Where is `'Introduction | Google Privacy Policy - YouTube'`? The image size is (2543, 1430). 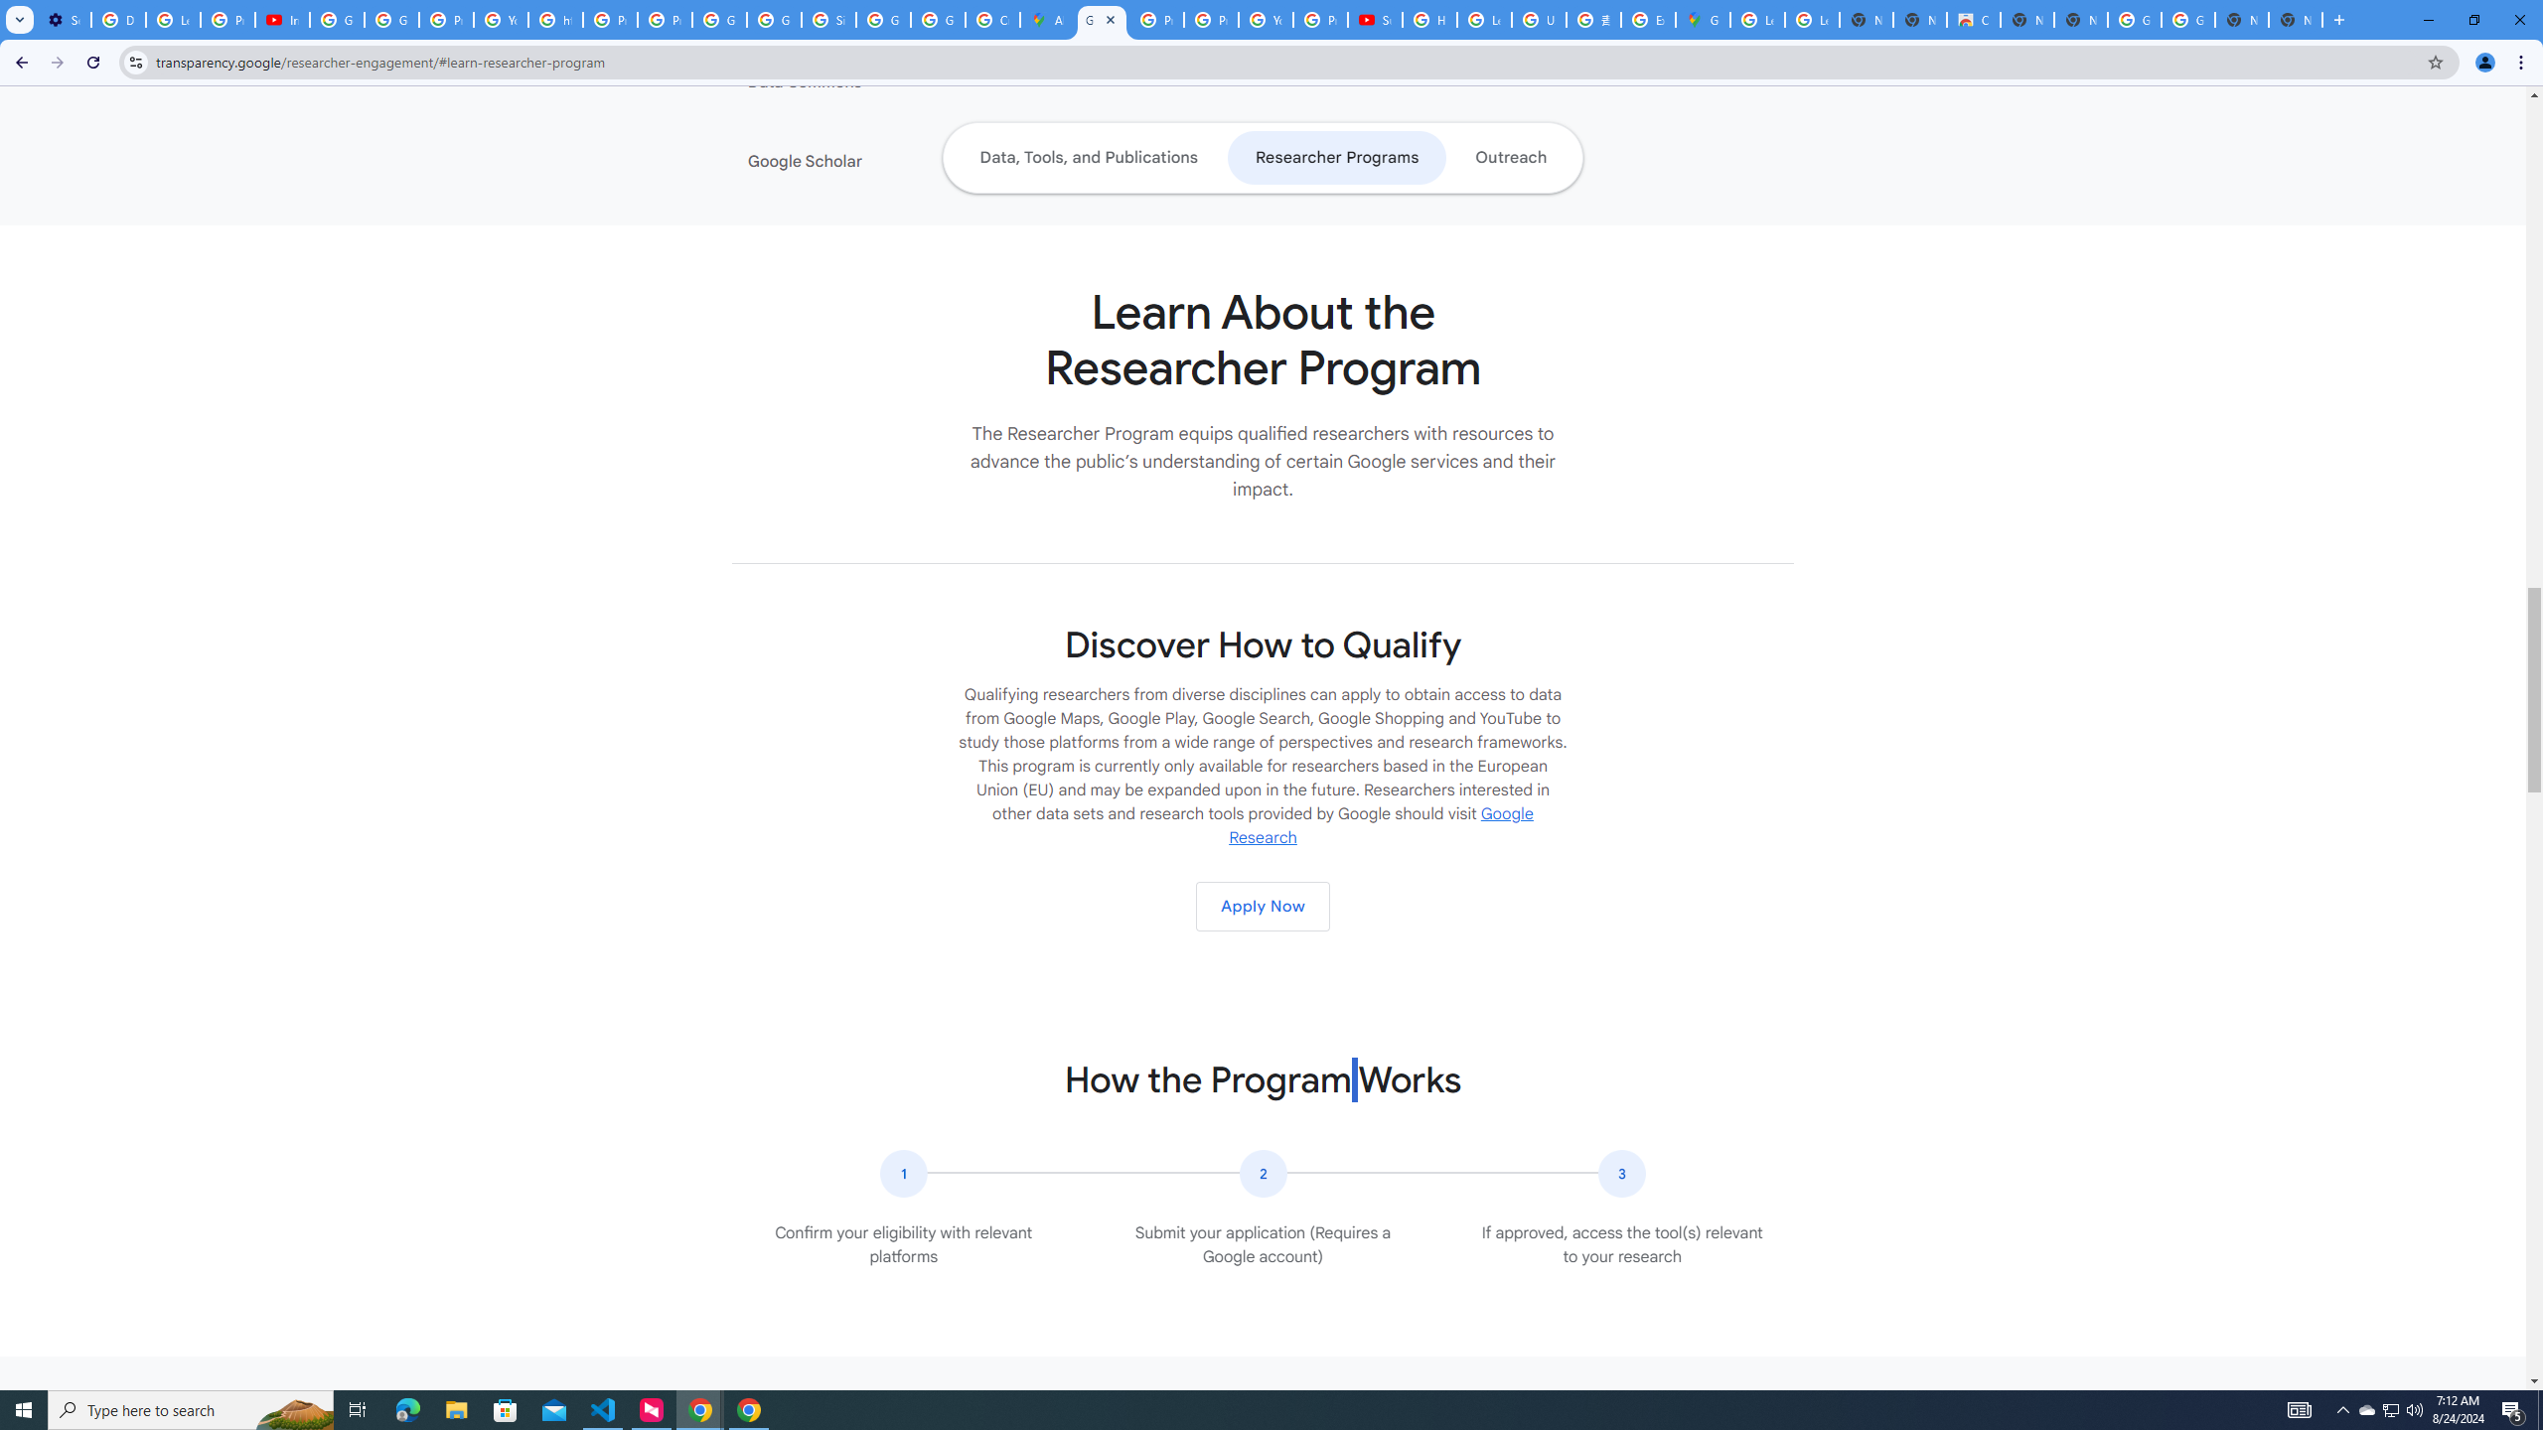
'Introduction | Google Privacy Policy - YouTube' is located at coordinates (282, 19).